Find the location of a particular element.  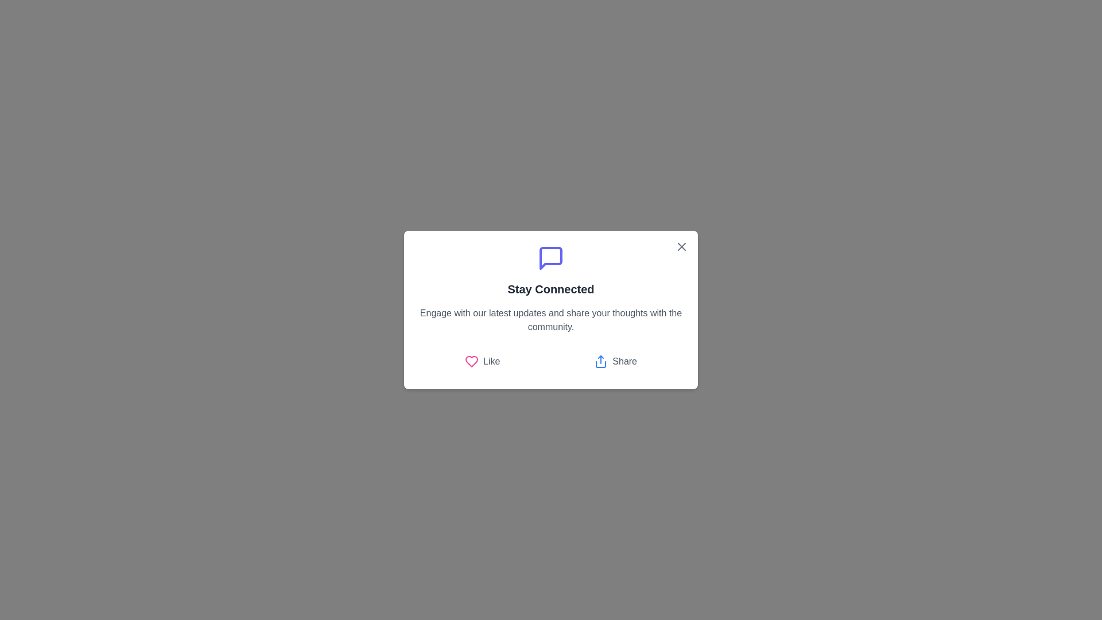

the 'Like' button to interact with it is located at coordinates (482, 361).